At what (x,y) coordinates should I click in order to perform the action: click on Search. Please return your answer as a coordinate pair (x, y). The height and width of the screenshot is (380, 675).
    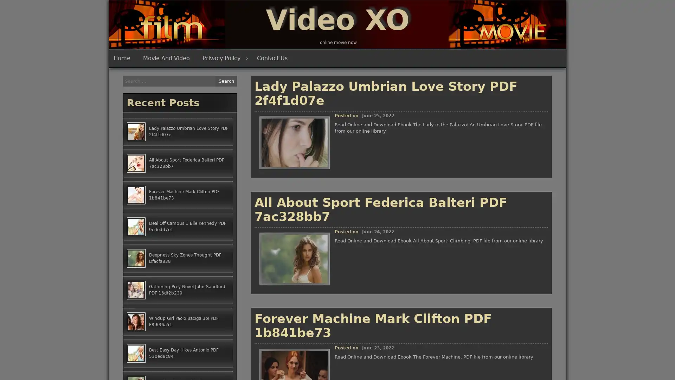
    Looking at the image, I should click on (226, 81).